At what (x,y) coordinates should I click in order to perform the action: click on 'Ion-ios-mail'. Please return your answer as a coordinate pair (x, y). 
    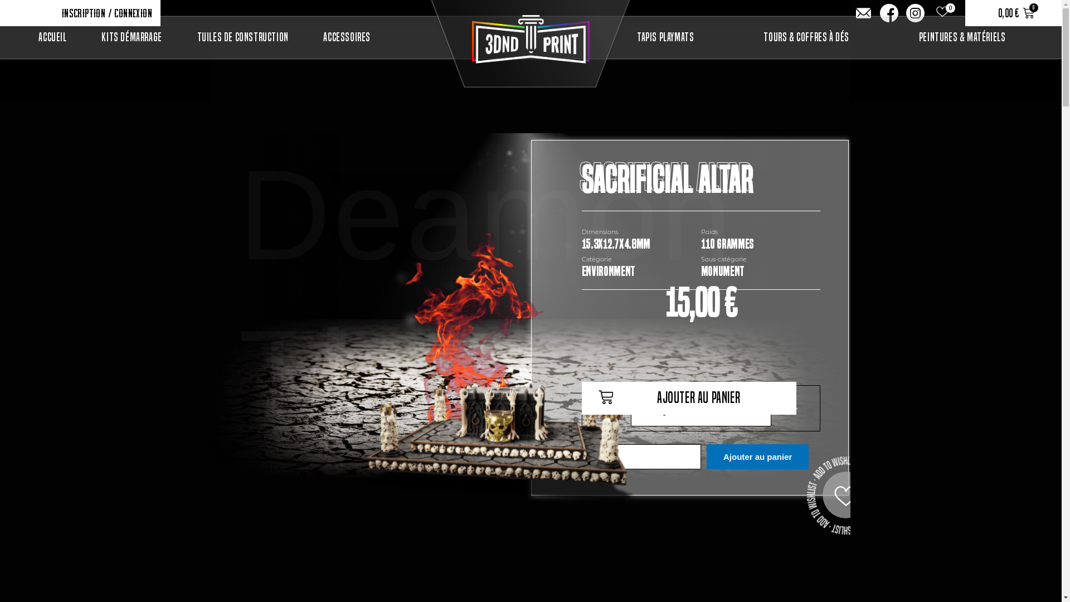
    Looking at the image, I should click on (863, 13).